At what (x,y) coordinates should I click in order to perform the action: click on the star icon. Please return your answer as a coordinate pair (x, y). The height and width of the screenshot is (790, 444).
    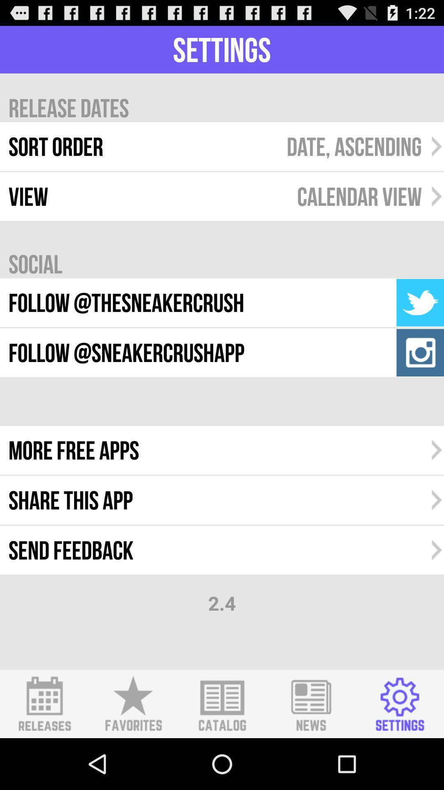
    Looking at the image, I should click on (133, 753).